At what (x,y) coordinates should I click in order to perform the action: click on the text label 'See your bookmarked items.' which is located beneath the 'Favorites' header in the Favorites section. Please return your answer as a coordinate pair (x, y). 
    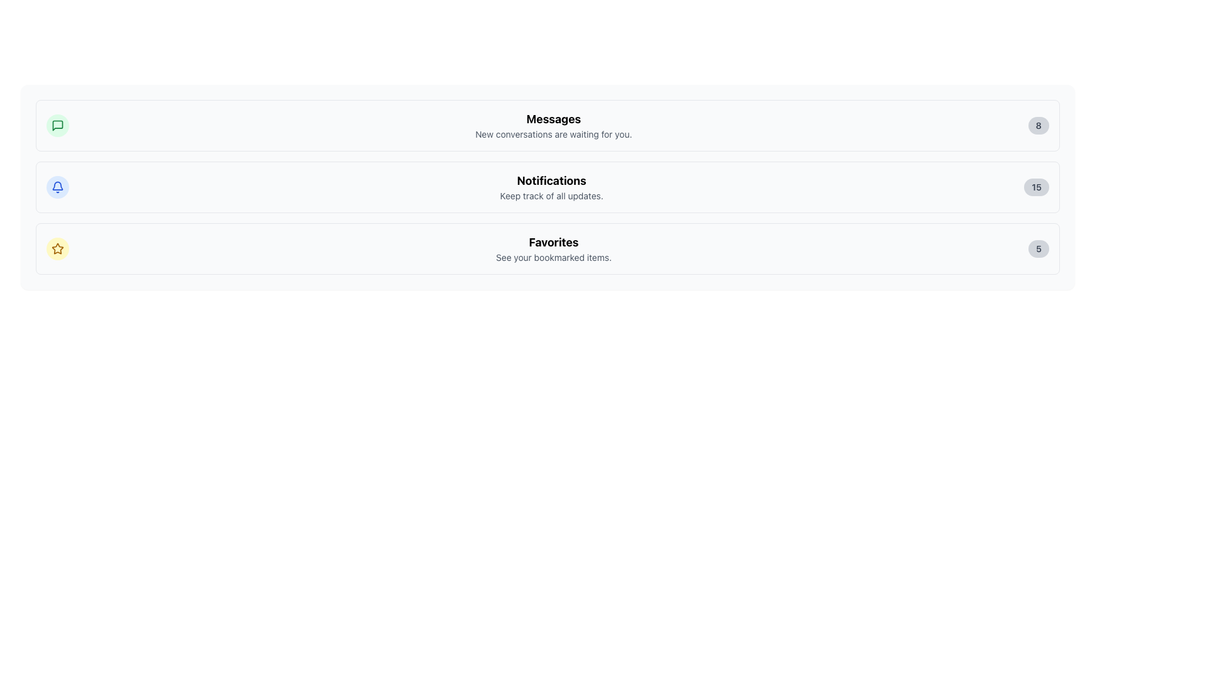
    Looking at the image, I should click on (553, 257).